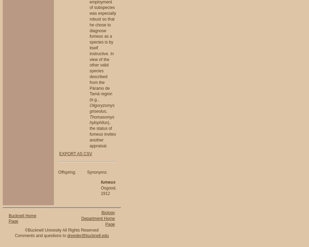 Image resolution: width=309 pixels, height=247 pixels. I want to click on ',', so click(105, 111).